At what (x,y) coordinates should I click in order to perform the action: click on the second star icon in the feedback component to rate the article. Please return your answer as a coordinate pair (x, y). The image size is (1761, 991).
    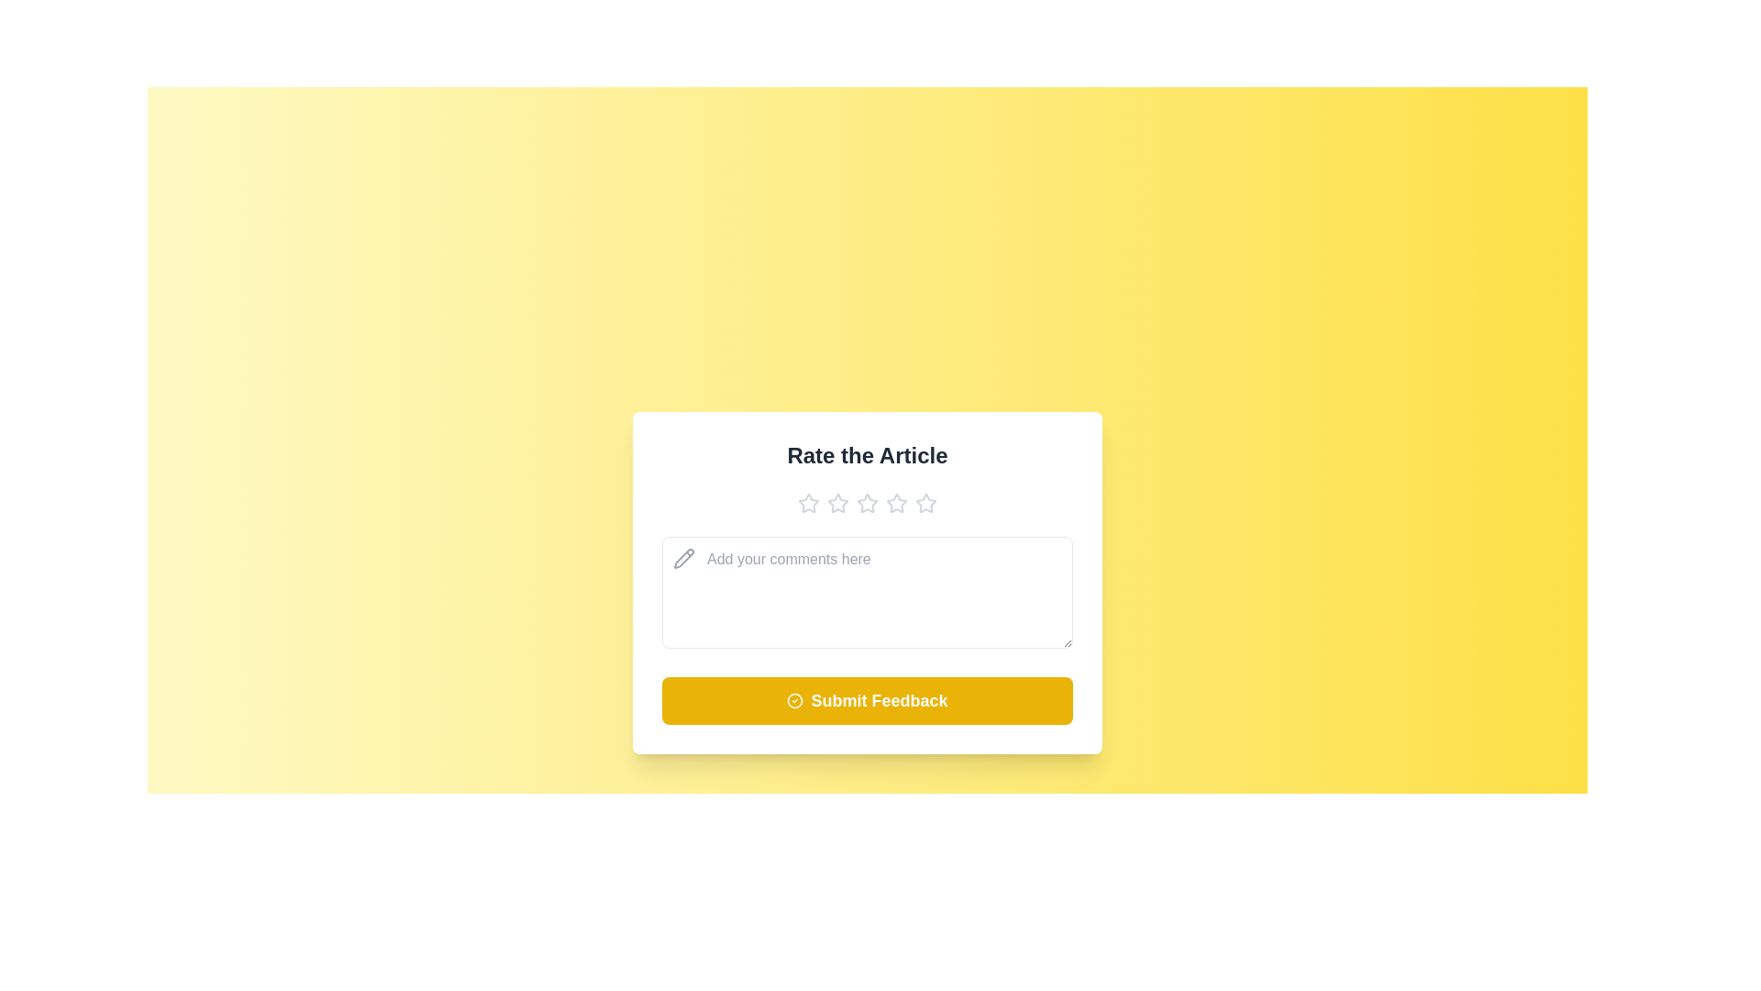
    Looking at the image, I should click on (836, 502).